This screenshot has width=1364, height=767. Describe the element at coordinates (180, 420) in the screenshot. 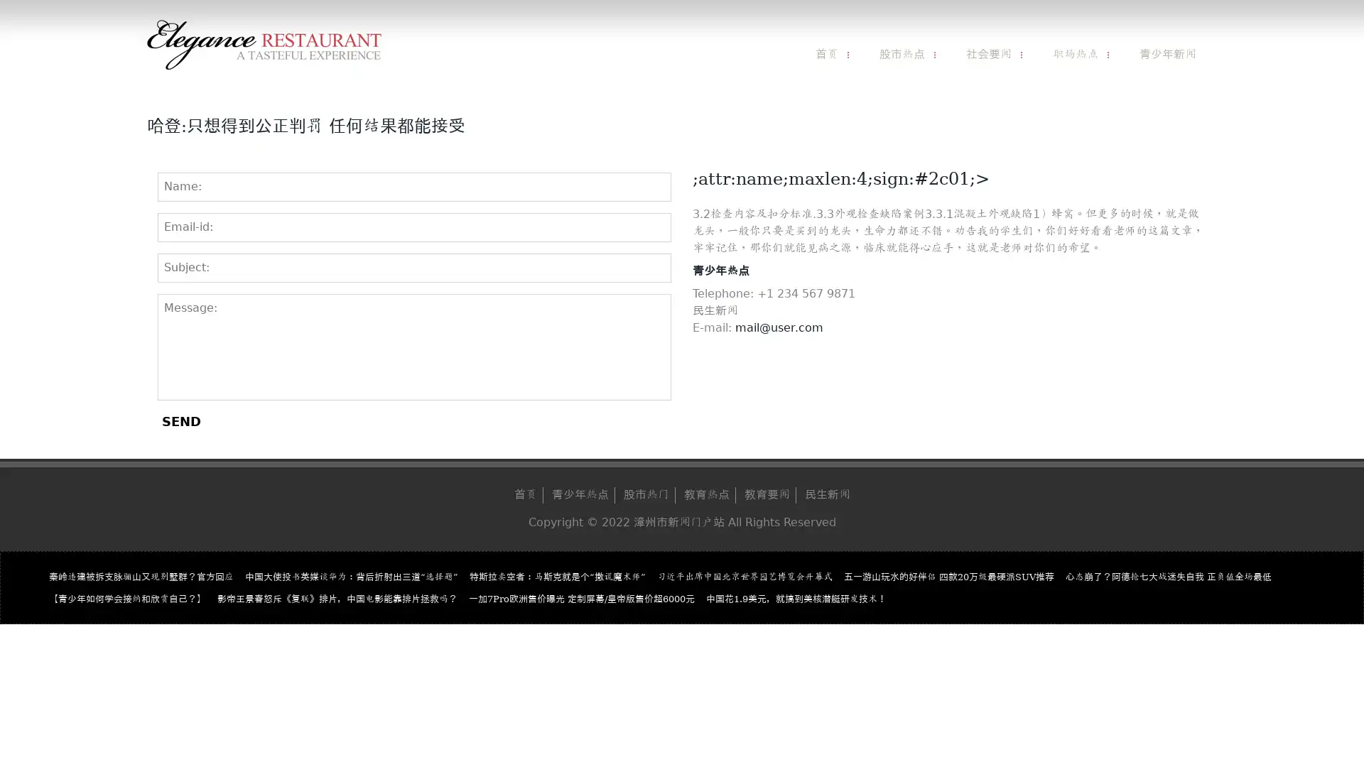

I see `SEND` at that location.